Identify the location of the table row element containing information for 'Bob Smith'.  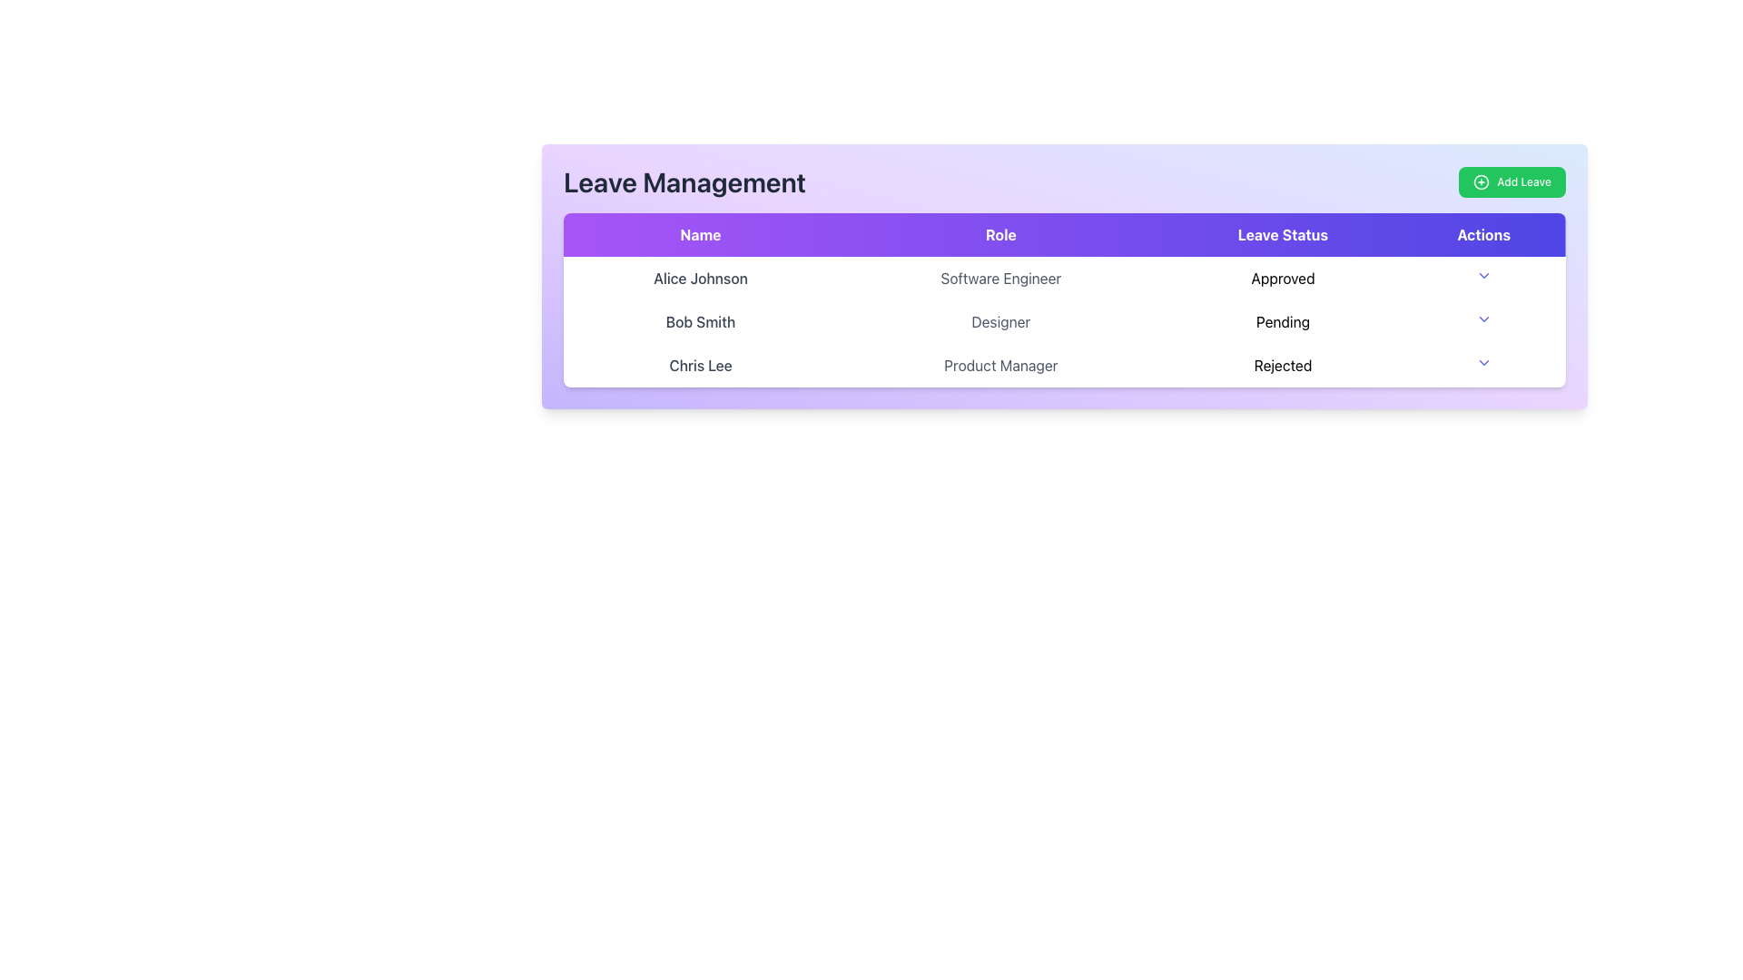
(1064, 320).